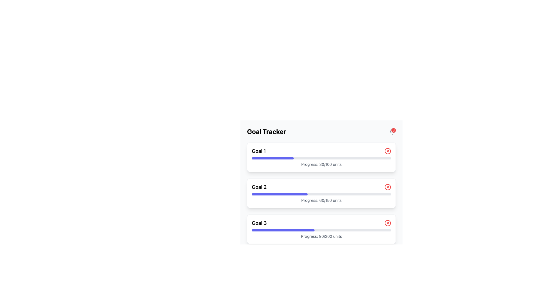 The height and width of the screenshot is (299, 533). What do you see at coordinates (321, 164) in the screenshot?
I see `the text display that indicates the progress of 'Goal 1', which shows 30% completion and is located below the progress bar within the card` at bounding box center [321, 164].